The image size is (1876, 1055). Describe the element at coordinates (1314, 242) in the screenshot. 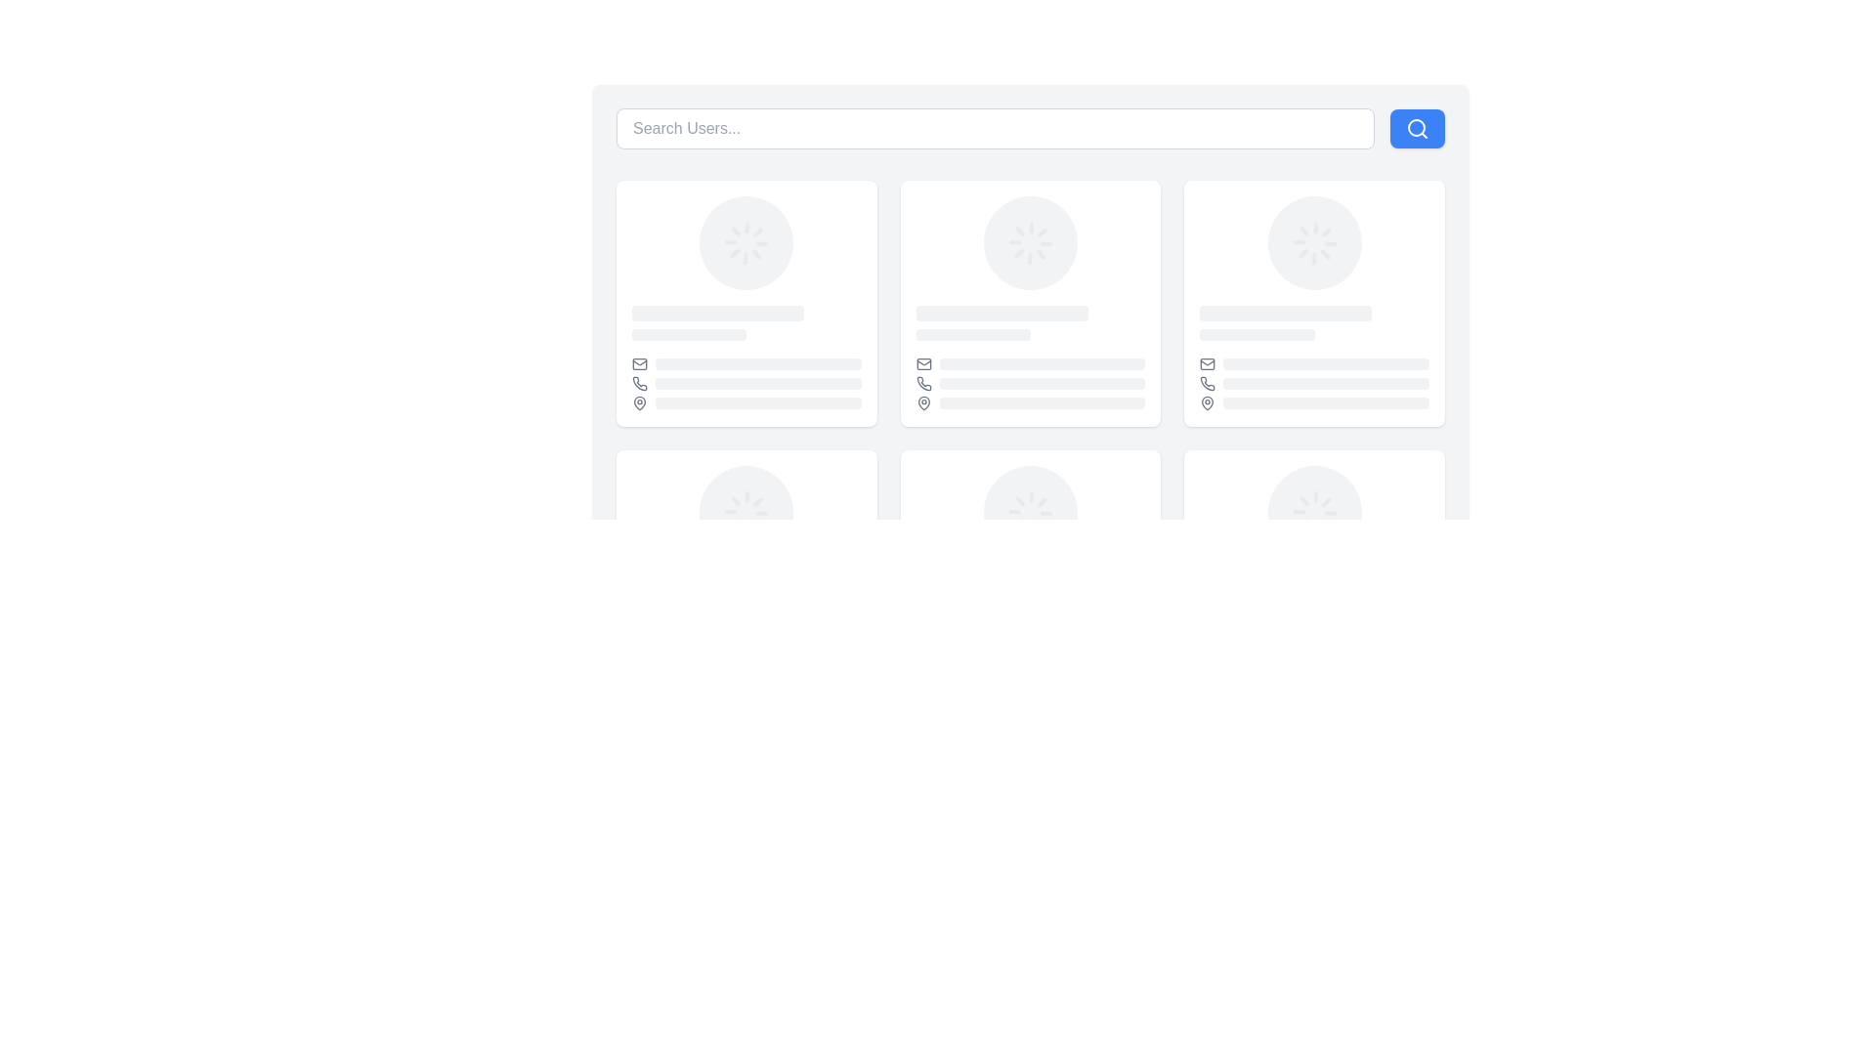

I see `the loading spinner, which is a circular element with radial lines in light gray color, located at the upper portion of the second card in the grid layout` at that location.